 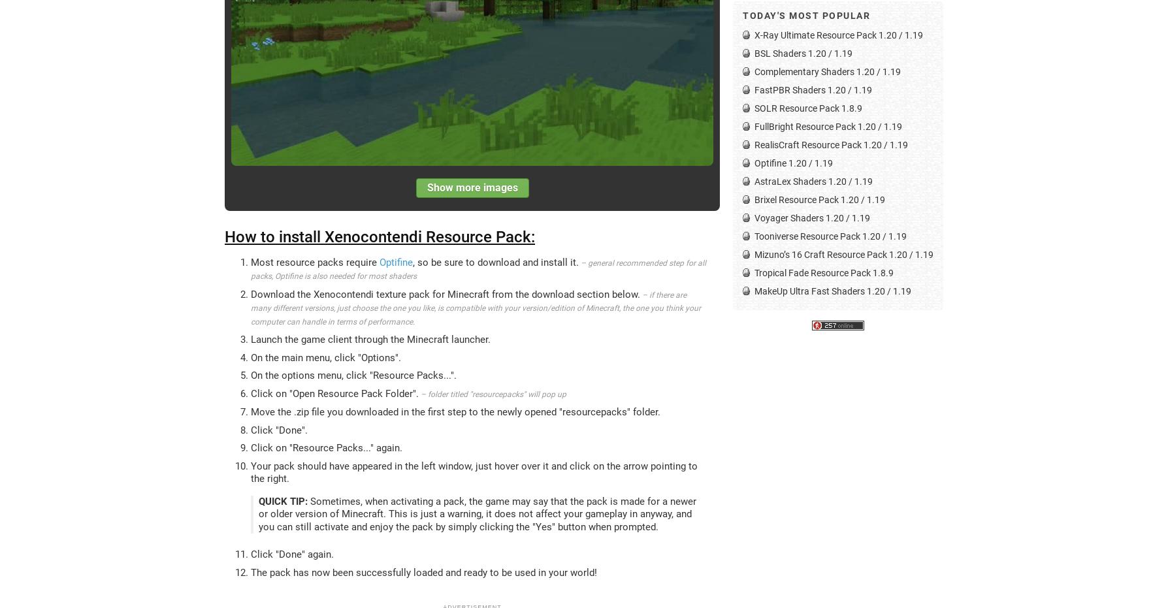 What do you see at coordinates (491, 394) in the screenshot?
I see `'– folder titled "resourcepacks" will pop up'` at bounding box center [491, 394].